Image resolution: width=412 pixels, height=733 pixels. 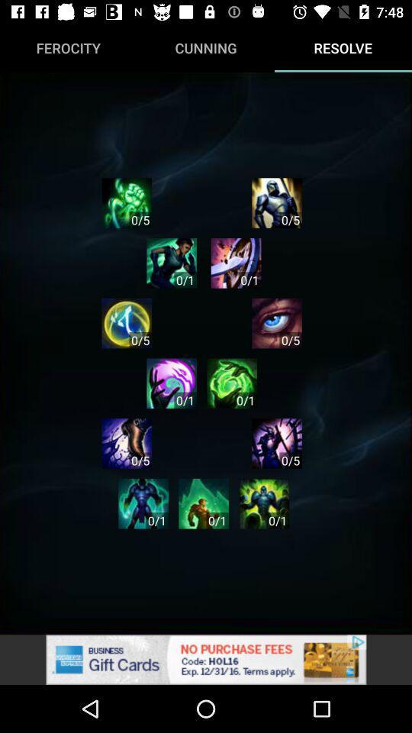 I want to click on the avatar icon, so click(x=204, y=502).